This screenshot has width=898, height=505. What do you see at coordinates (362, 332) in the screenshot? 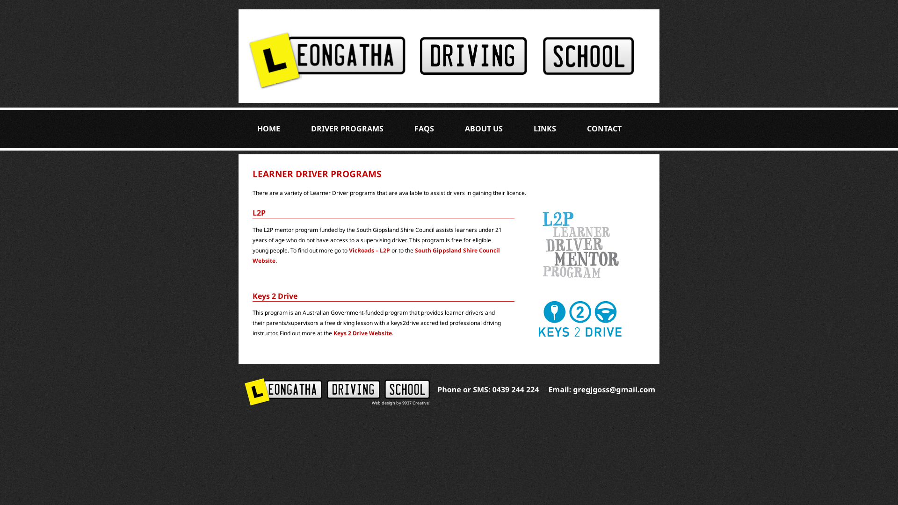
I see `'Keys 2 Drive Website'` at bounding box center [362, 332].